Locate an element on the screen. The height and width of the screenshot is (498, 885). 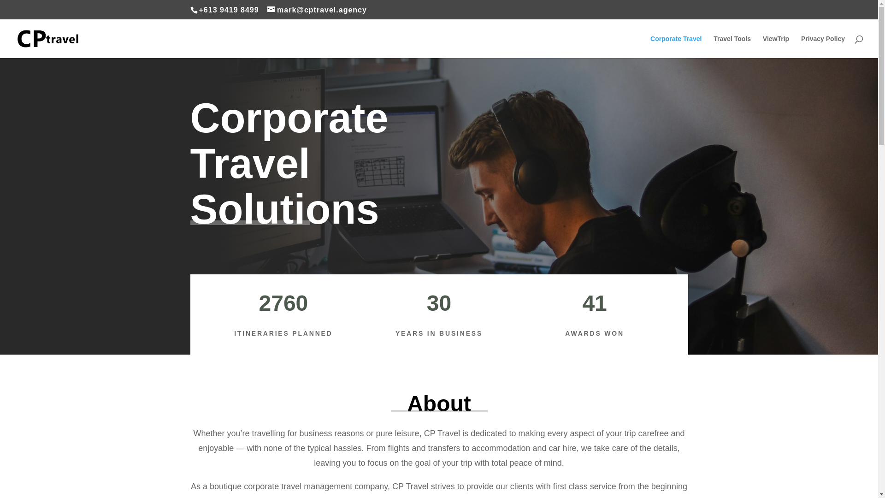
'mark@cptravel.agency' is located at coordinates (317, 10).